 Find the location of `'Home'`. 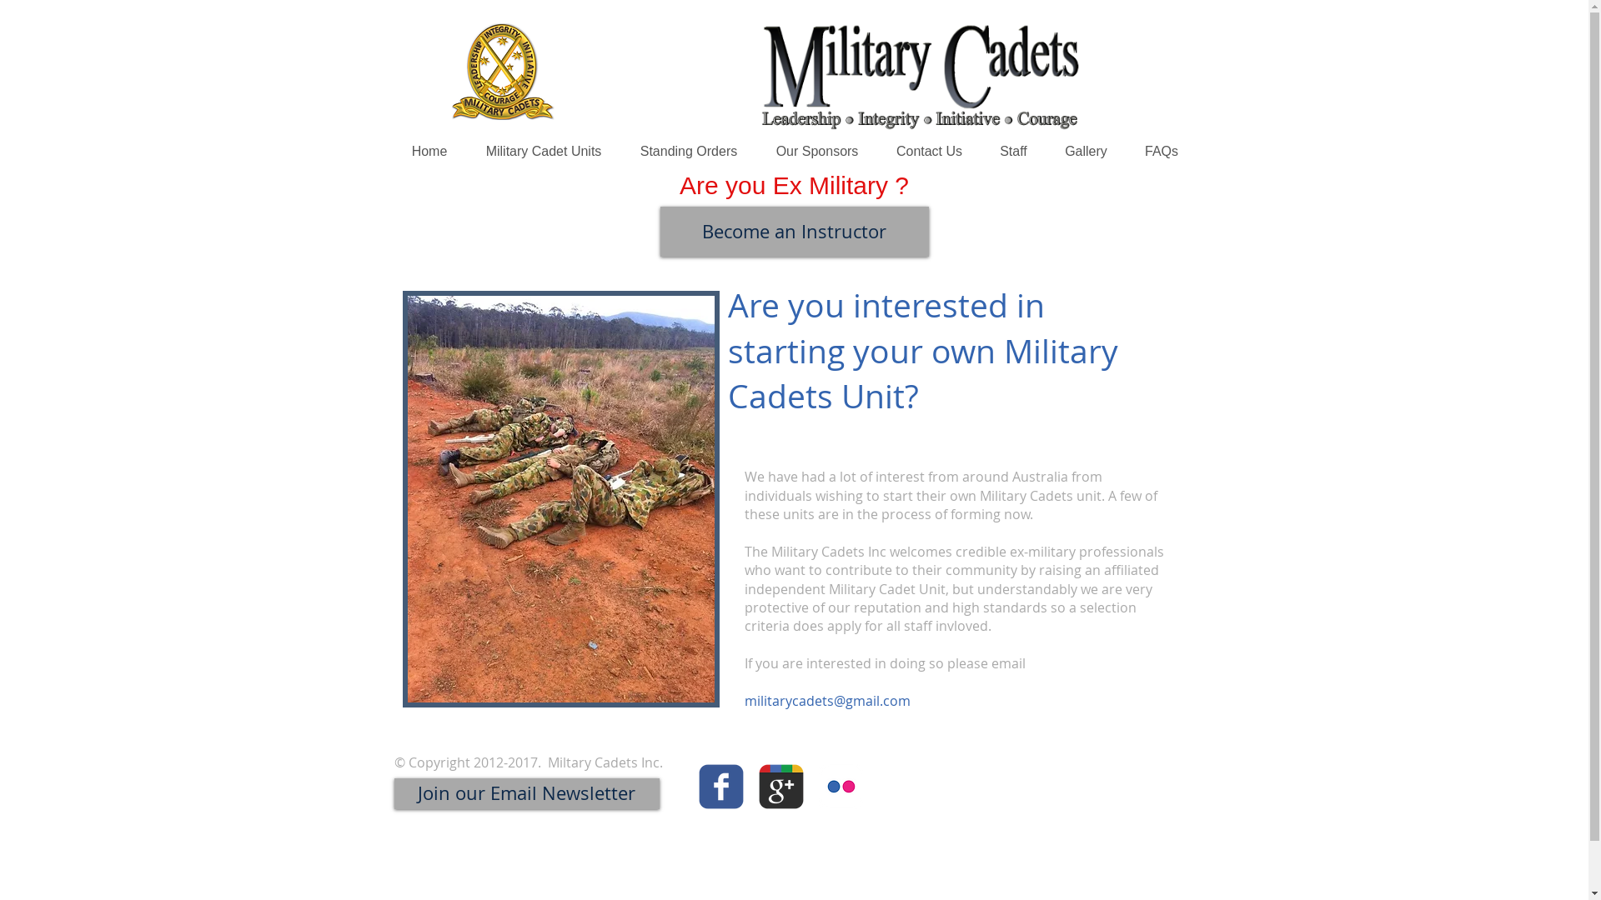

'Home' is located at coordinates (429, 151).